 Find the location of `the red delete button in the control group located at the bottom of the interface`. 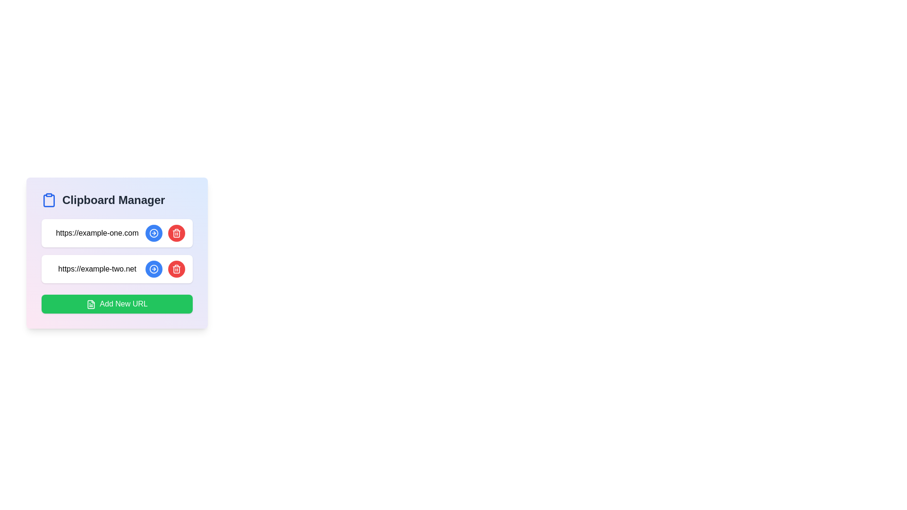

the red delete button in the control group located at the bottom of the interface is located at coordinates (165, 269).